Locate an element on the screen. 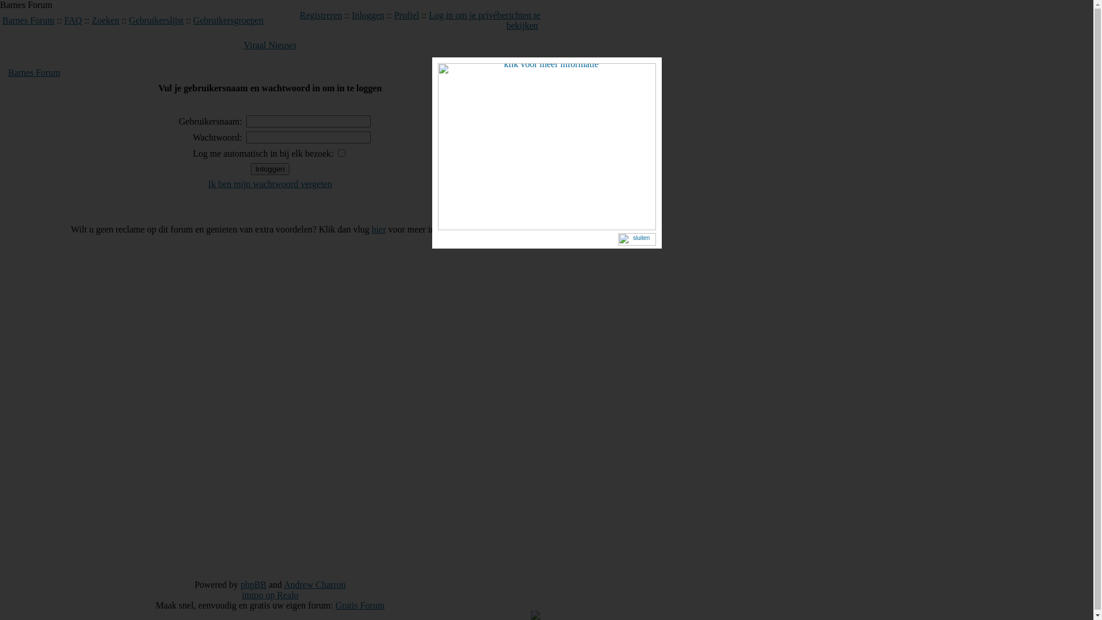 The height and width of the screenshot is (620, 1102). 'Barnes Forum' is located at coordinates (28, 20).